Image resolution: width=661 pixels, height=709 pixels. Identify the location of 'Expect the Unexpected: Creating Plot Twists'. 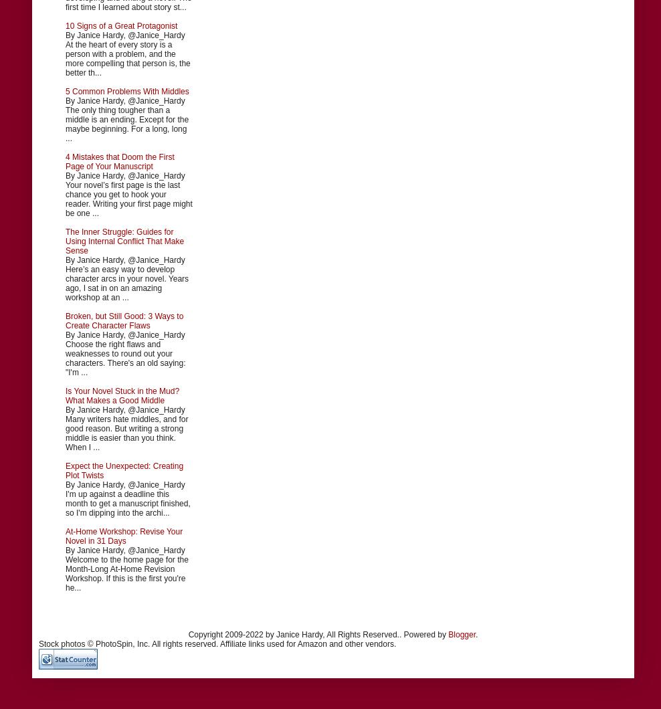
(124, 469).